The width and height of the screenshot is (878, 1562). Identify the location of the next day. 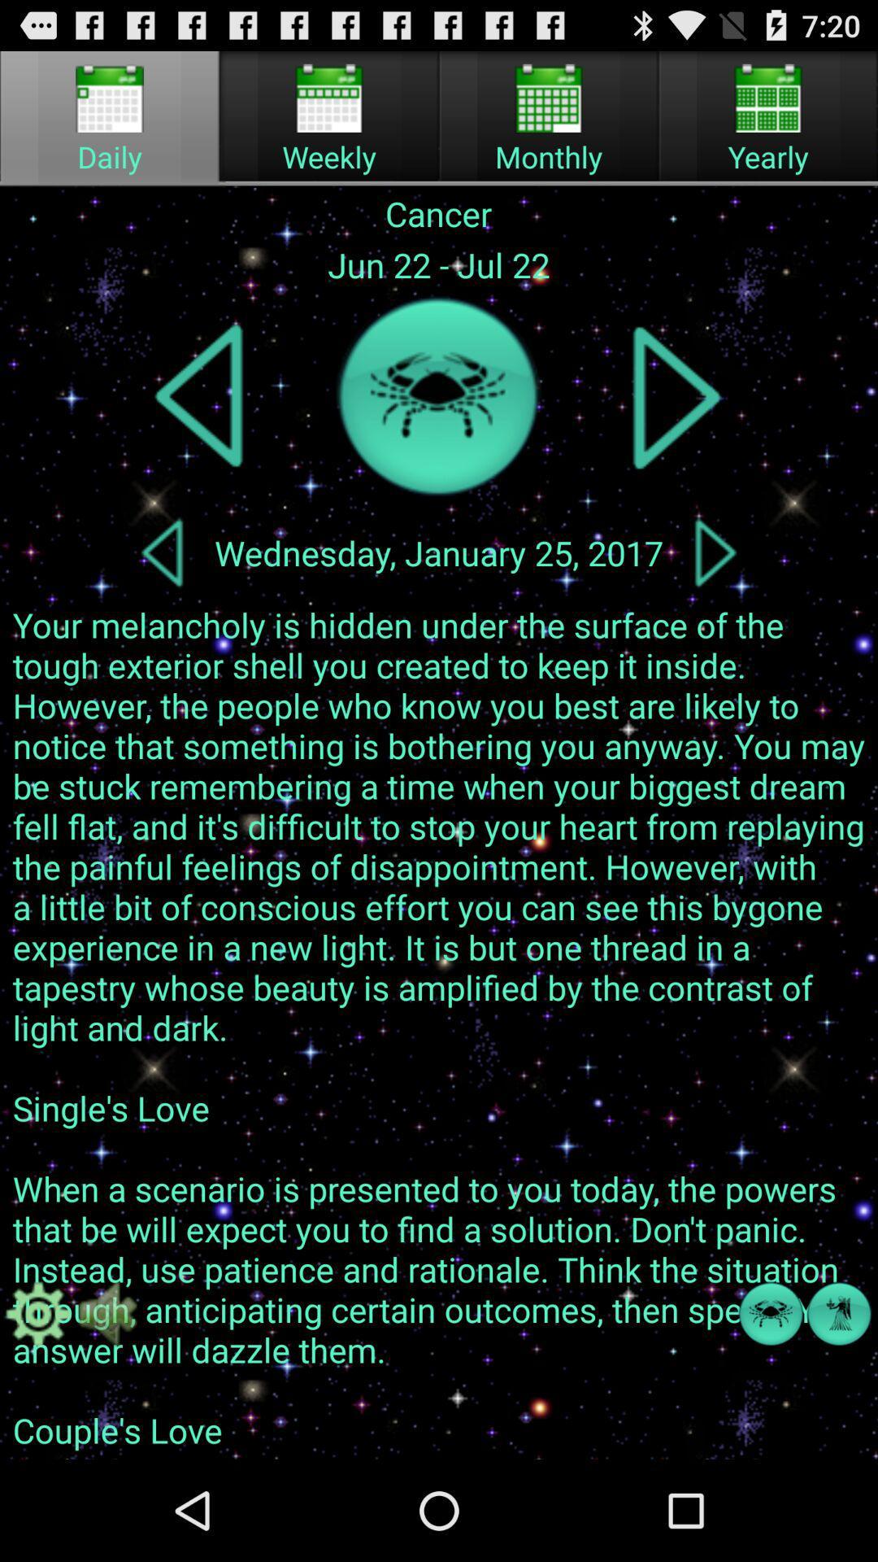
(715, 552).